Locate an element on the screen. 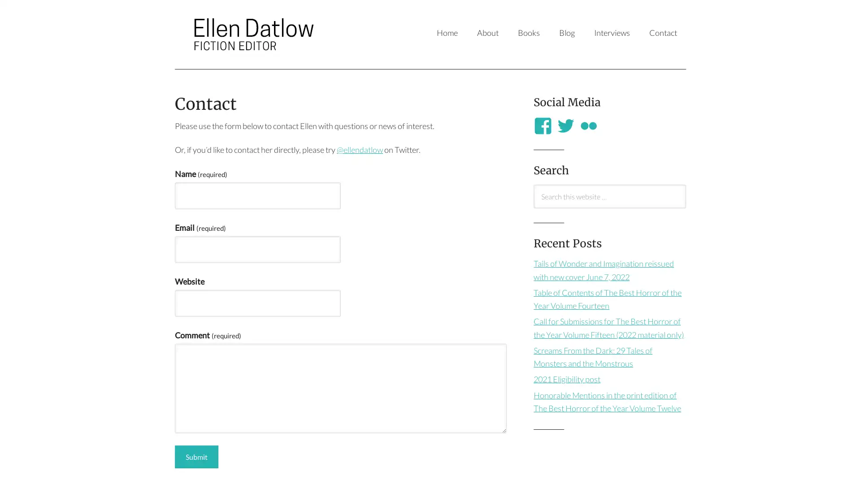 This screenshot has height=484, width=861. Search is located at coordinates (533, 207).